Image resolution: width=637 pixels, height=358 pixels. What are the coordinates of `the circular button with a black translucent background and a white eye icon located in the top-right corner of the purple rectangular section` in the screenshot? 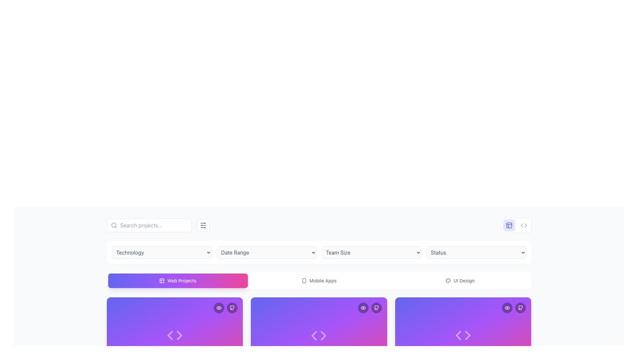 It's located at (219, 308).